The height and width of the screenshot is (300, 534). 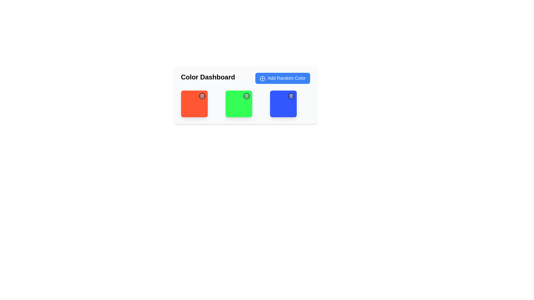 I want to click on the delete button located in the top-right corner of the green card, which is the second card in a row of three, to observe any hover effects, so click(x=246, y=96).